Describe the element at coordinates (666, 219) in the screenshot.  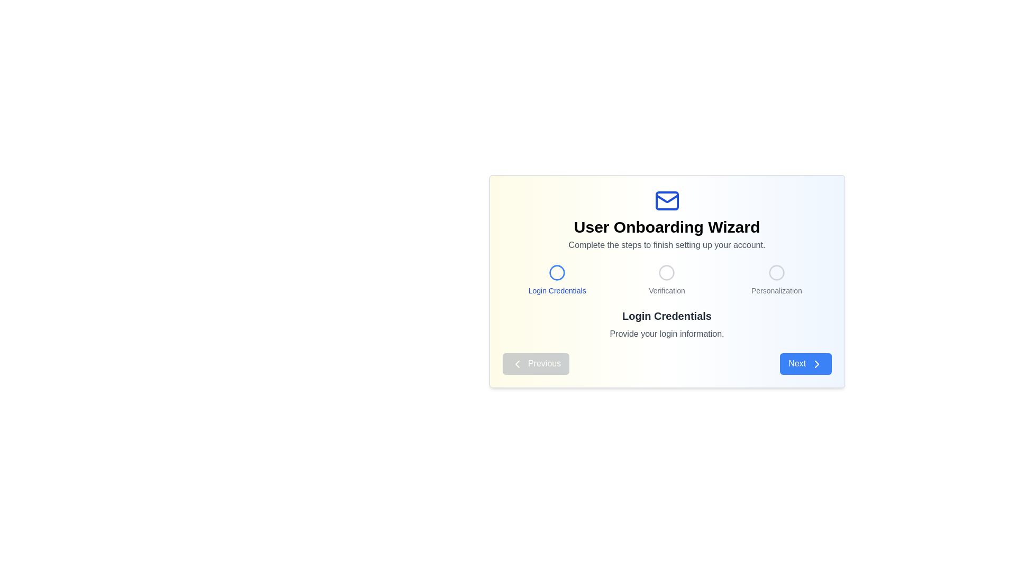
I see `the Information panel that describes the onboarding wizard, which is centrally located above the step indicators for Login Credentials, Verification, and Personalization` at that location.